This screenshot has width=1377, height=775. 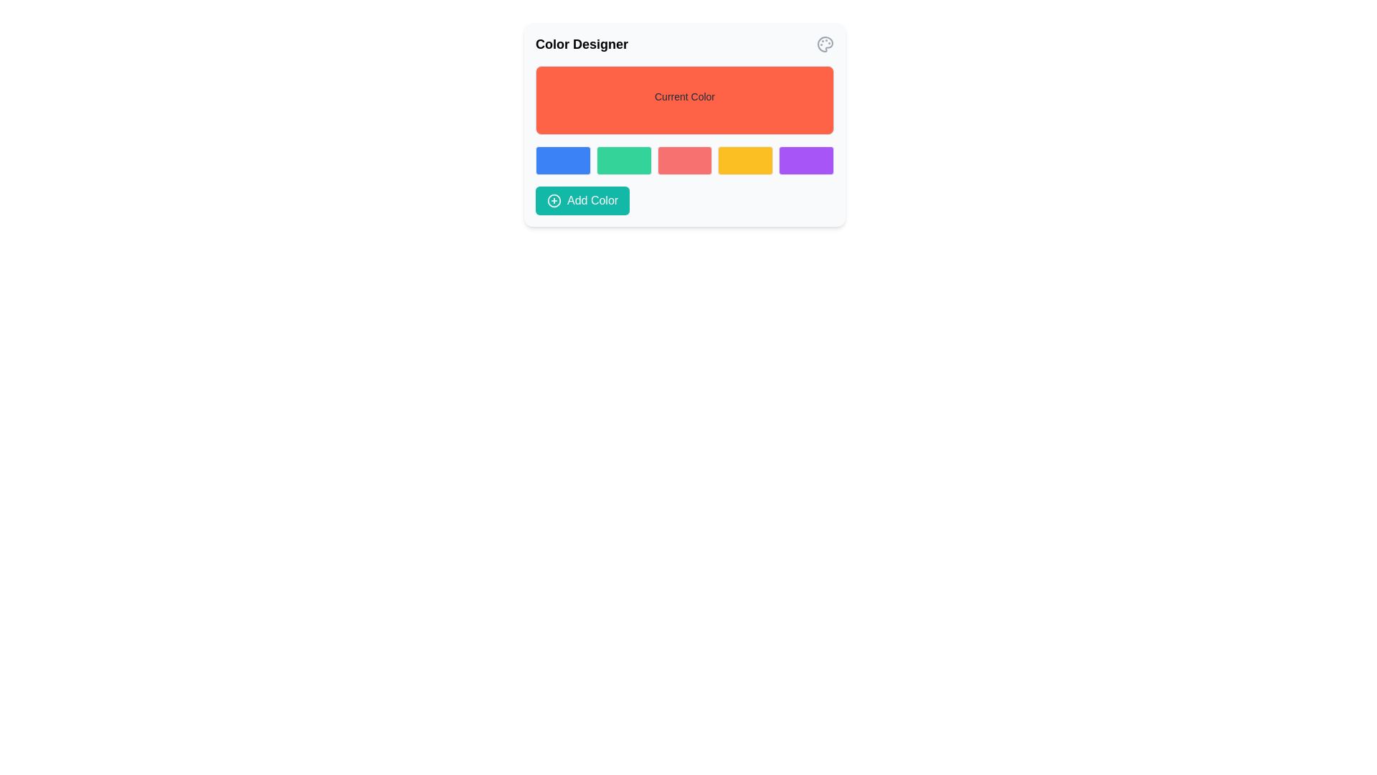 What do you see at coordinates (553, 201) in the screenshot?
I see `the action icon located on the left side of the green 'Add Color' button at the bottom of the 'Color Designer' card interface` at bounding box center [553, 201].